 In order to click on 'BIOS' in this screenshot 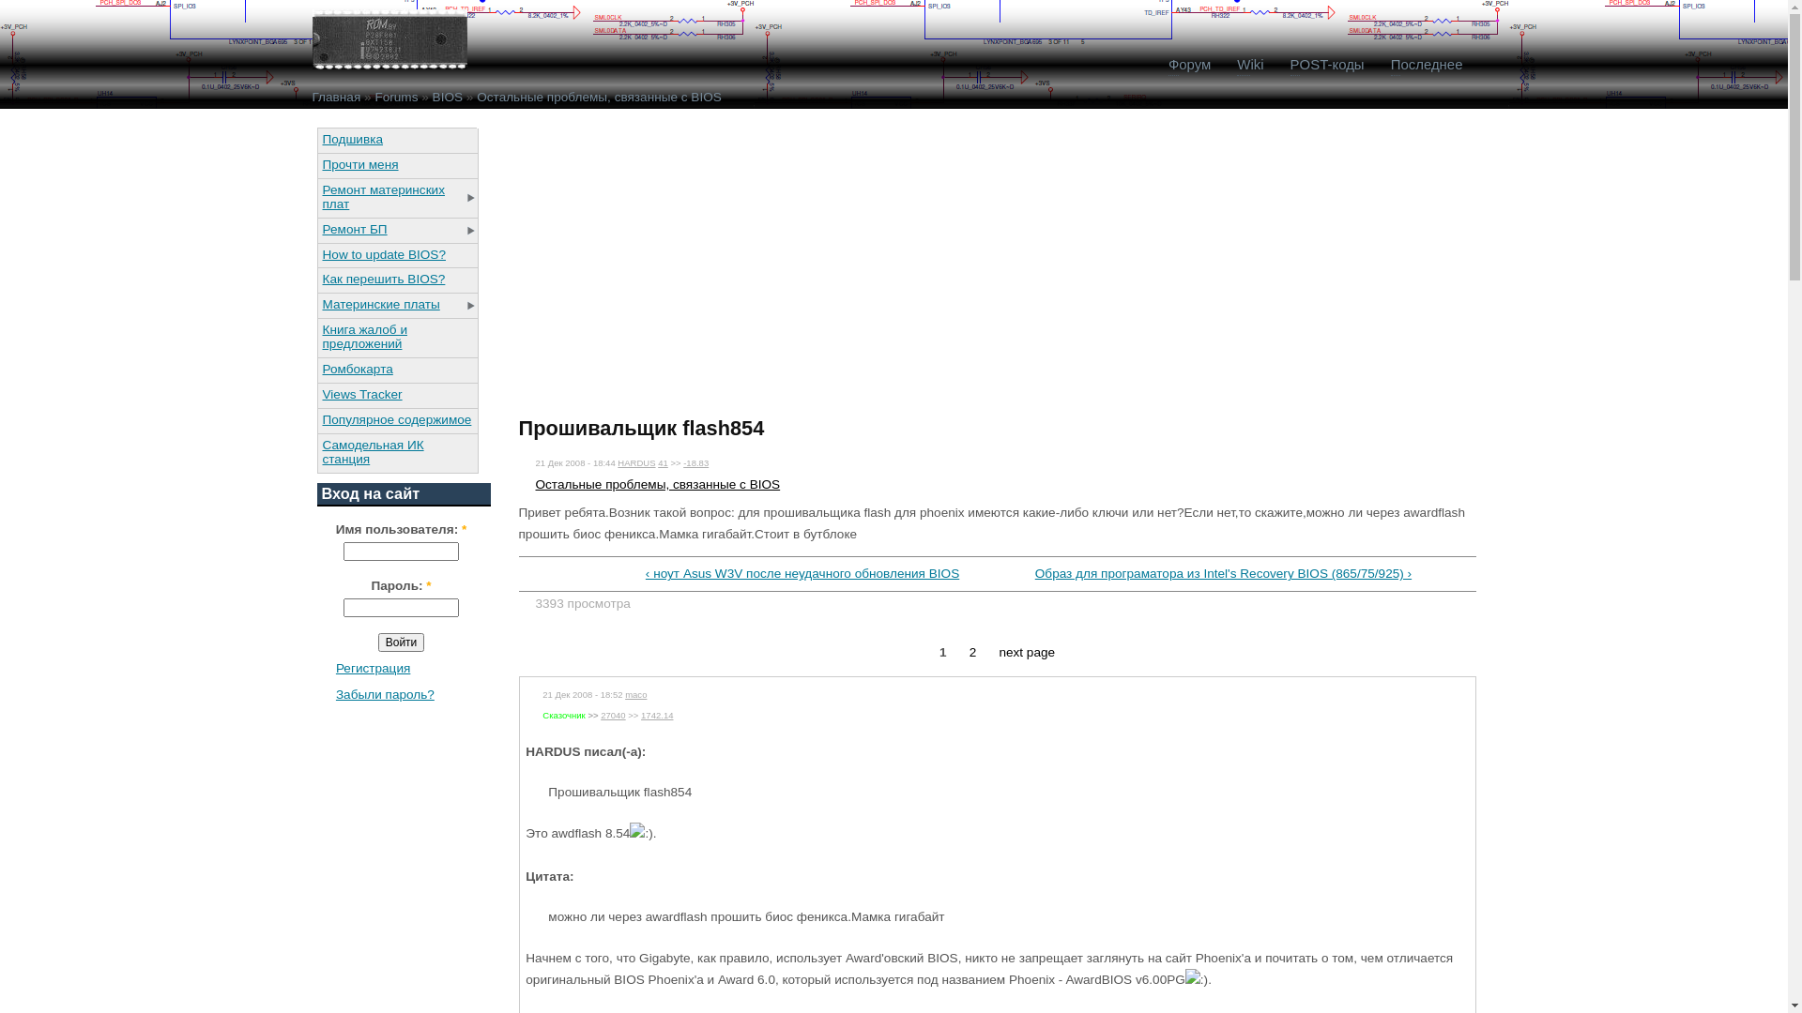, I will do `click(446, 97)`.